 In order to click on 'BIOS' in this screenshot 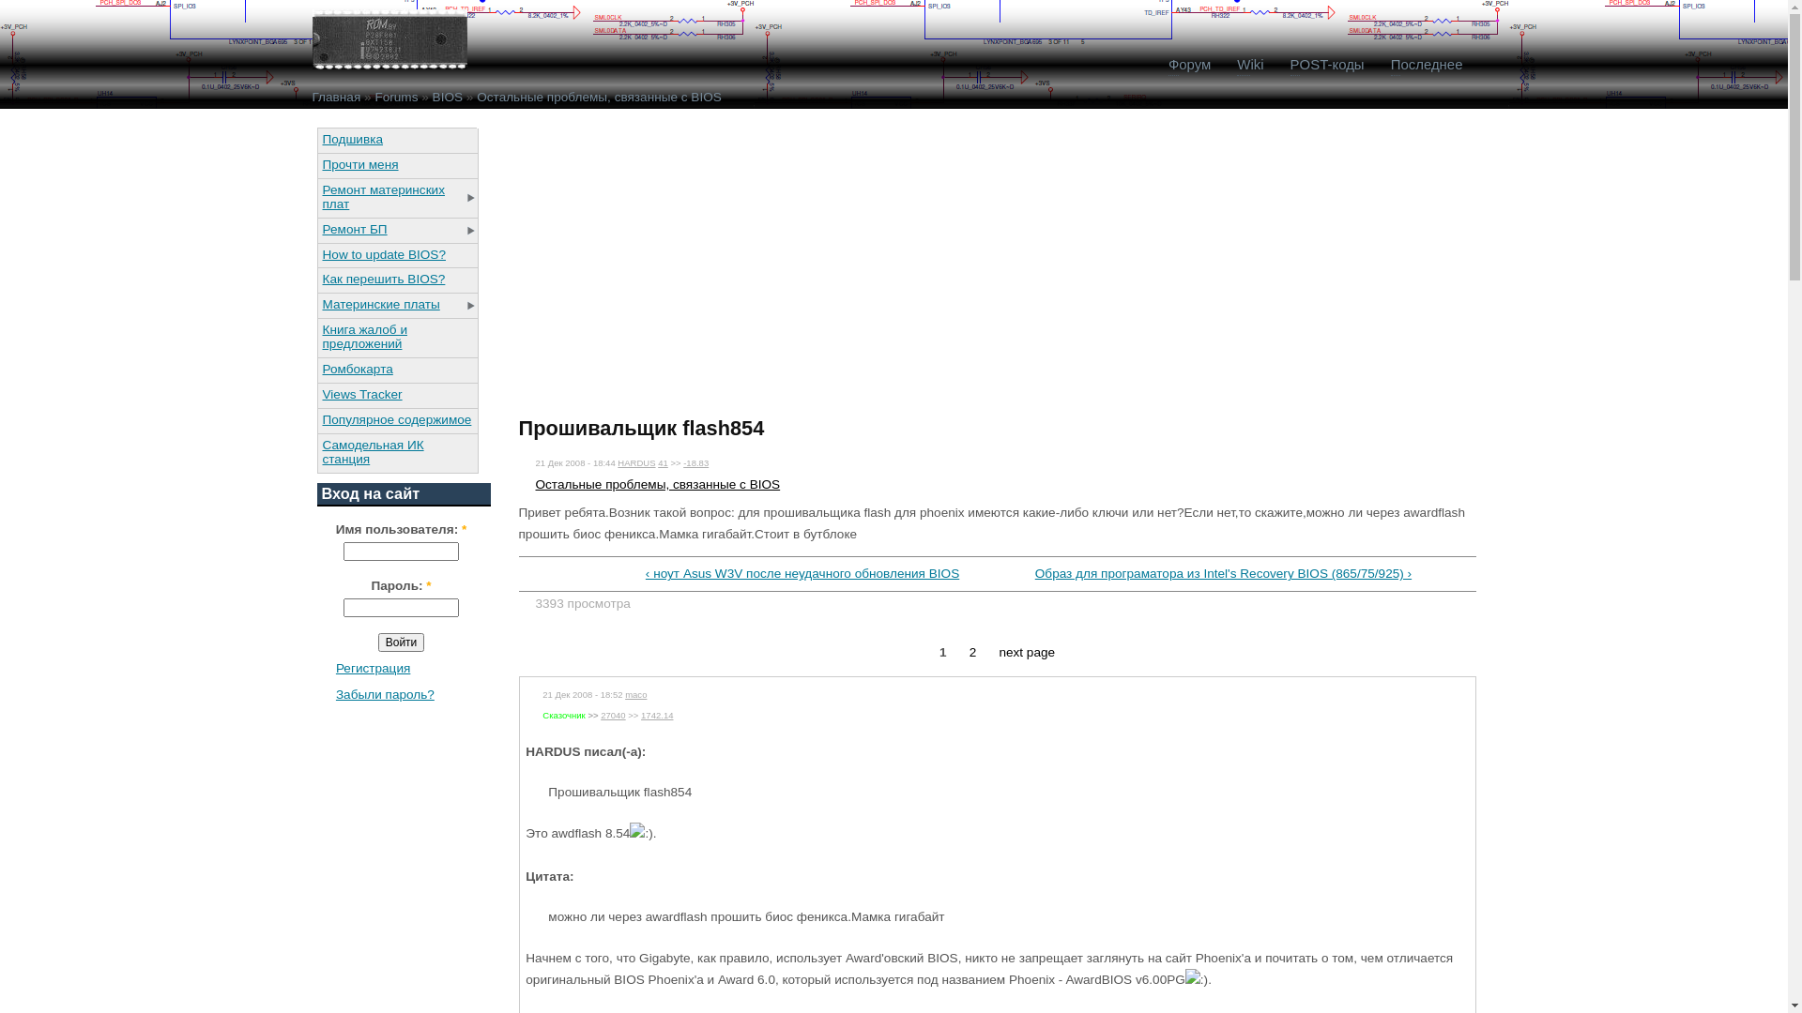, I will do `click(446, 97)`.